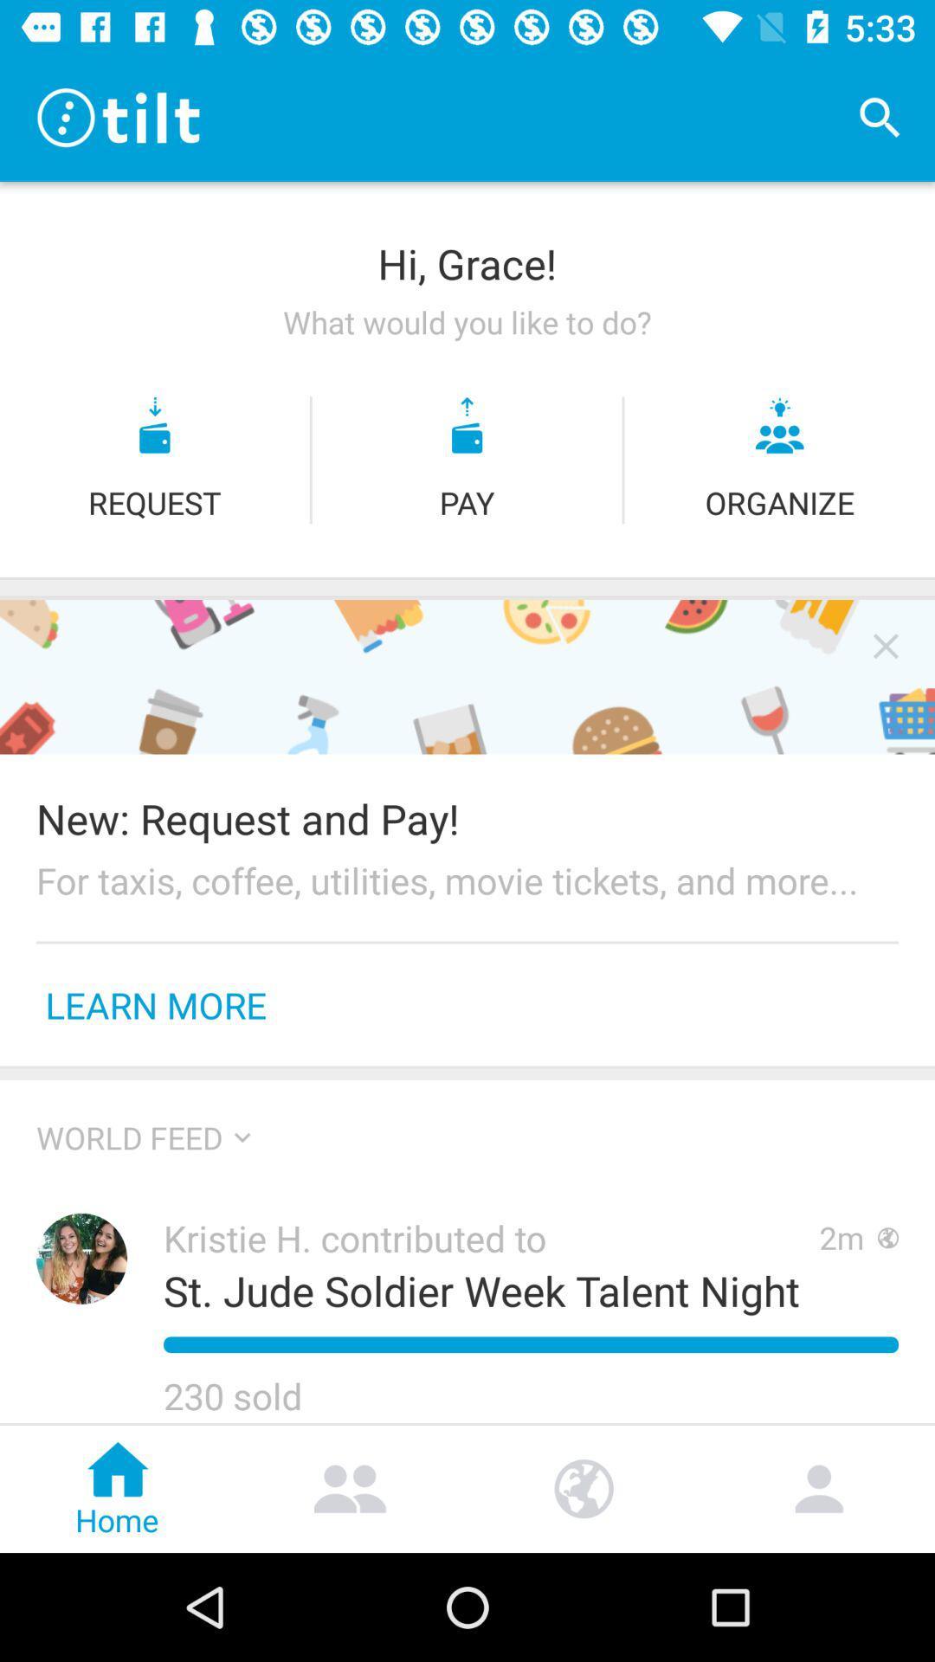  Describe the element at coordinates (467, 880) in the screenshot. I see `the item below the new request and item` at that location.